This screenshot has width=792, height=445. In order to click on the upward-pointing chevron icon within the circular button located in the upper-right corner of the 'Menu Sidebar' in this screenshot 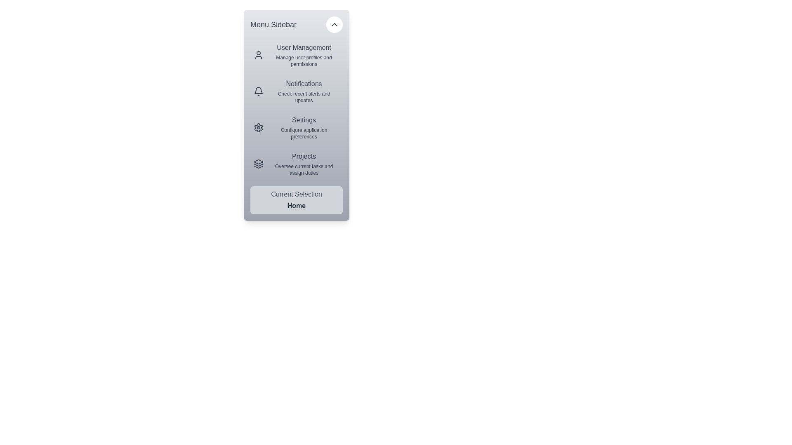, I will do `click(335, 24)`.